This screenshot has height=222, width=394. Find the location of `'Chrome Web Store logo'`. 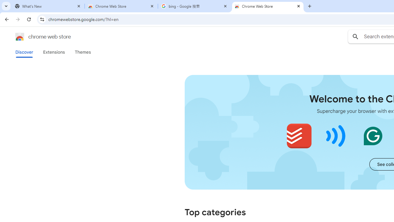

'Chrome Web Store logo' is located at coordinates (20, 37).